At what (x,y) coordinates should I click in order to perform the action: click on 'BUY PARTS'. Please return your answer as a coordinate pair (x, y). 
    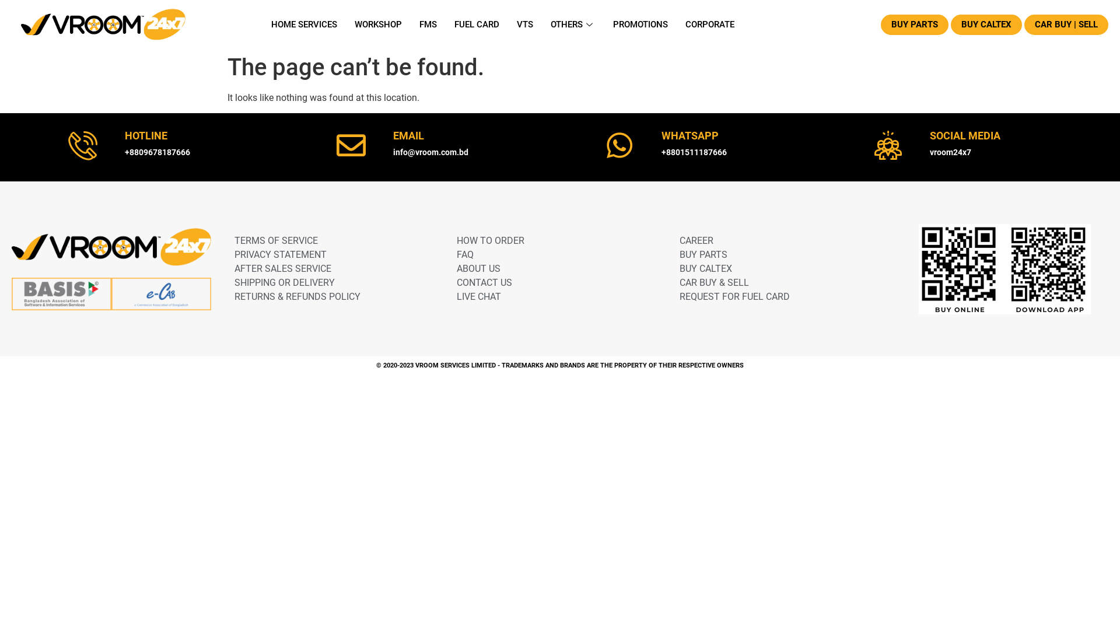
    Looking at the image, I should click on (881, 24).